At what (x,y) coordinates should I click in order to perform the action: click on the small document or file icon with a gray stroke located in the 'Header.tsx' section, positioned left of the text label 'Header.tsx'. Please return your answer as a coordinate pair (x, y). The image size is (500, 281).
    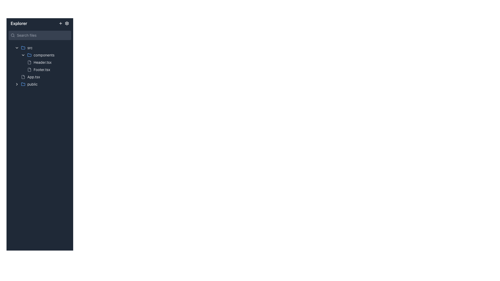
    Looking at the image, I should click on (29, 62).